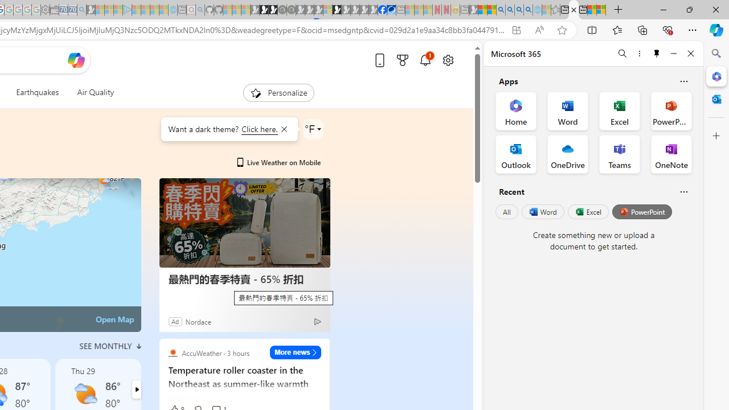 The width and height of the screenshot is (729, 410). Describe the element at coordinates (95, 92) in the screenshot. I see `'Air Quality'` at that location.